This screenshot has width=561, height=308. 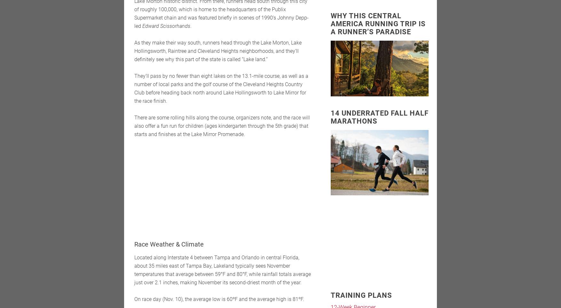 What do you see at coordinates (378, 24) in the screenshot?
I see `'Why This Central America Running Trip Is A Runner’s Paradise'` at bounding box center [378, 24].